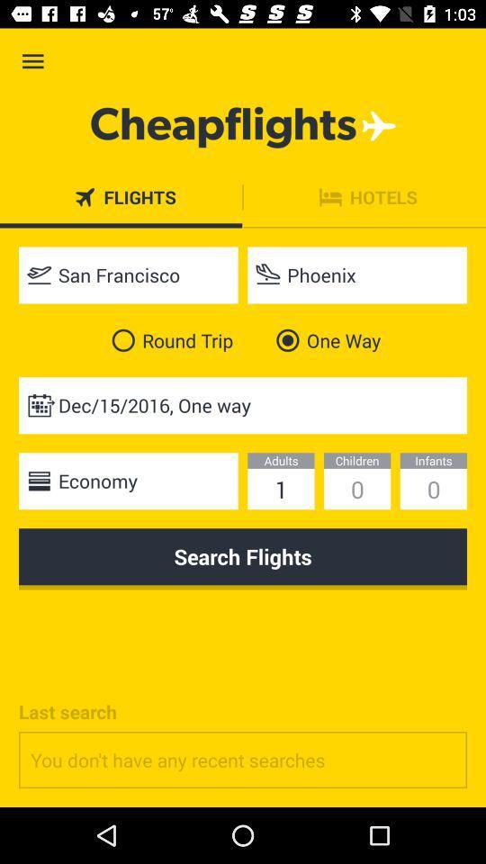 The width and height of the screenshot is (486, 864). Describe the element at coordinates (357, 274) in the screenshot. I see `the icon above one way` at that location.